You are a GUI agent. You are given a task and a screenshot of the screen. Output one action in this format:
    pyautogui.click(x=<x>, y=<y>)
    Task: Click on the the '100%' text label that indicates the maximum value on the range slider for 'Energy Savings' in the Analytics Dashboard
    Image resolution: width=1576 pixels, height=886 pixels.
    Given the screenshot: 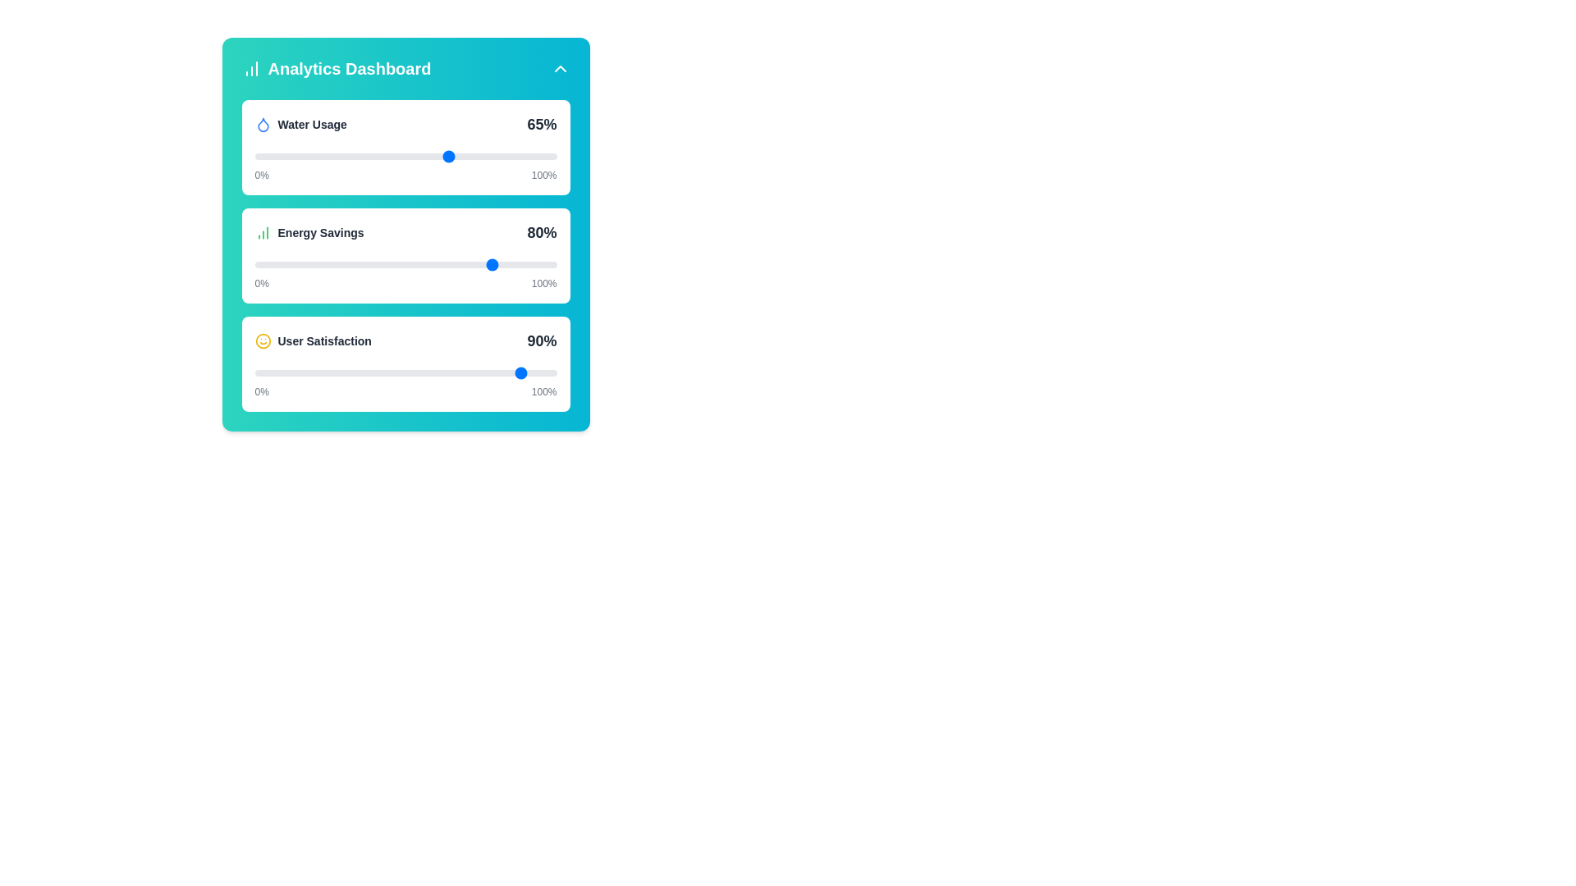 What is the action you would take?
    pyautogui.click(x=544, y=283)
    